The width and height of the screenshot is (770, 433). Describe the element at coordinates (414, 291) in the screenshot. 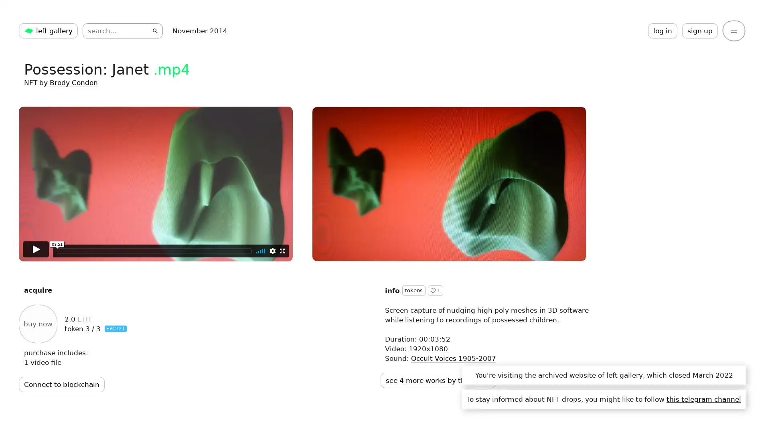

I see `tokens` at that location.